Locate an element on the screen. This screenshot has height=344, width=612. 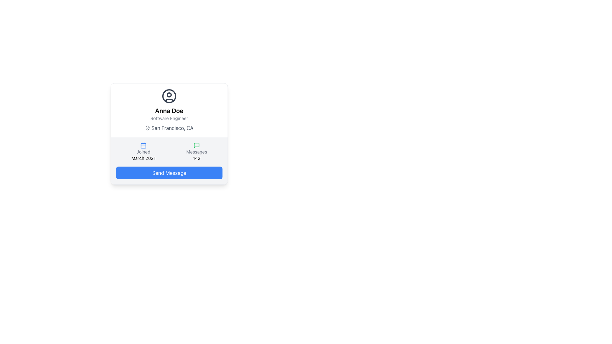
message count displayed in the 'Messages 142' element located at the bottom right corner of the user profile card is located at coordinates (196, 152).